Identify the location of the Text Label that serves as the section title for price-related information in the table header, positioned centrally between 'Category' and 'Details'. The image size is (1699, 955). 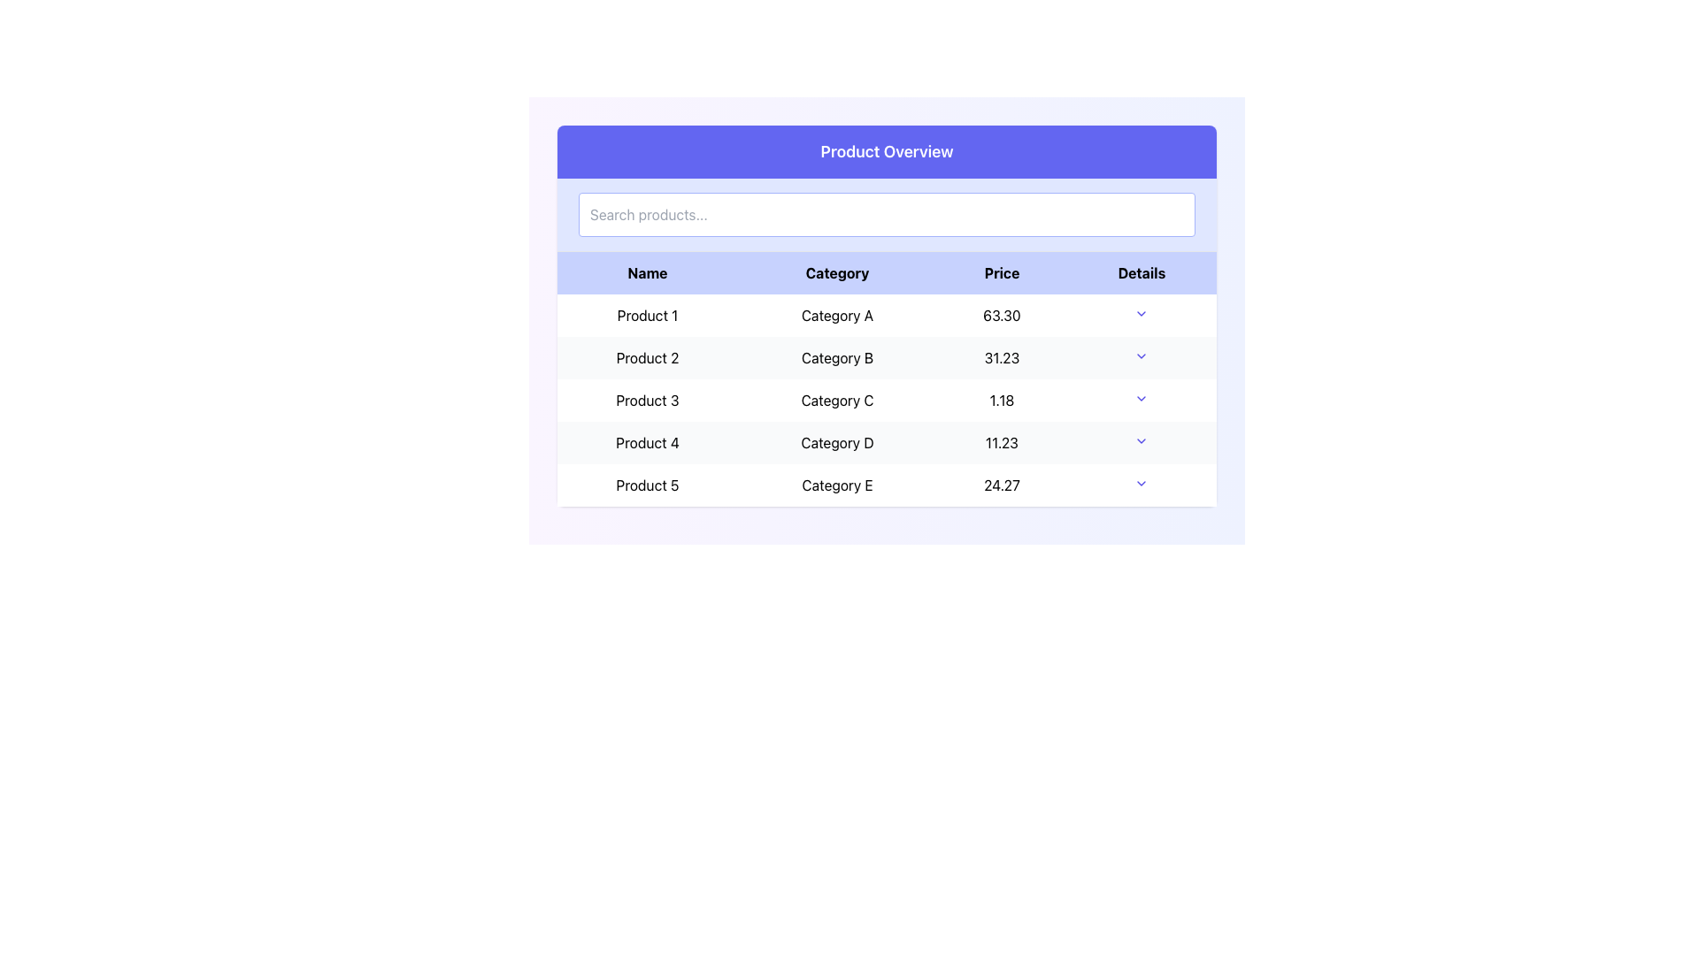
(1002, 272).